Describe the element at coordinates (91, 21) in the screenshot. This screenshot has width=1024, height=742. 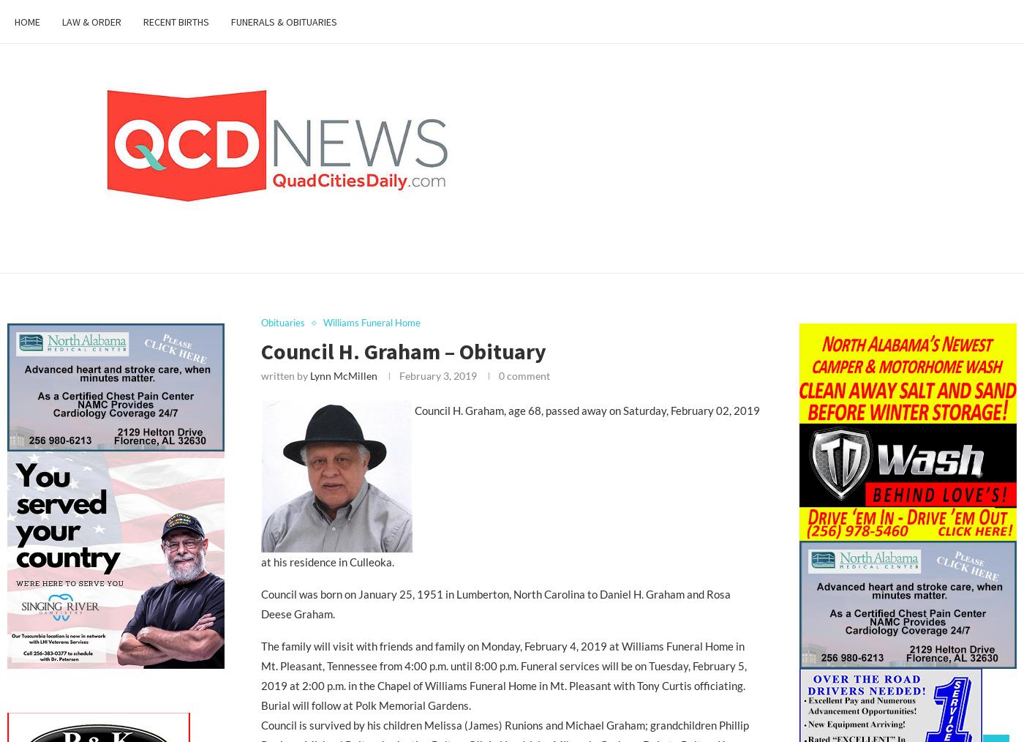
I see `'Law & Order'` at that location.